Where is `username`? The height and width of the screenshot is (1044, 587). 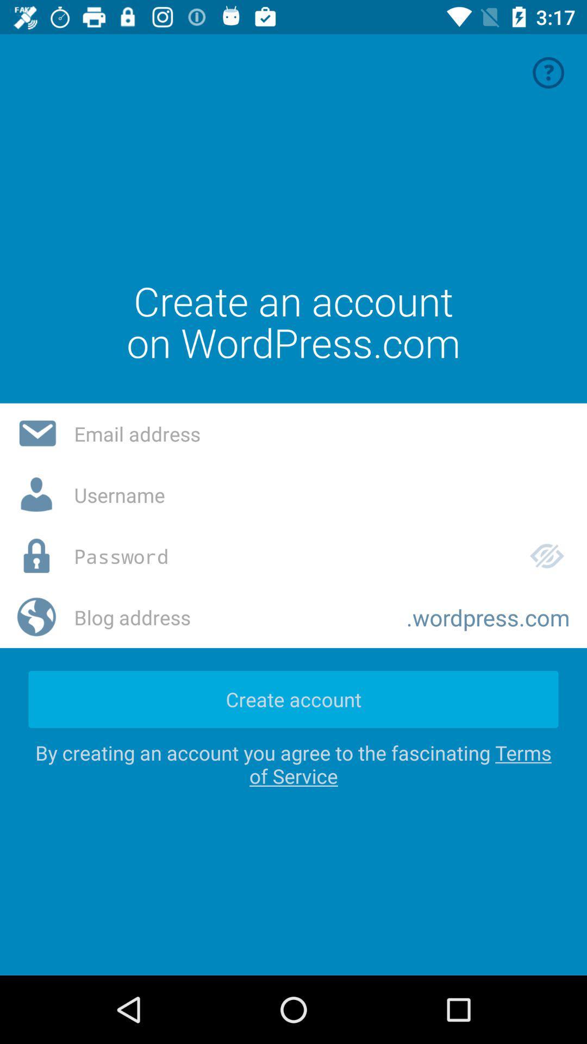
username is located at coordinates (321, 494).